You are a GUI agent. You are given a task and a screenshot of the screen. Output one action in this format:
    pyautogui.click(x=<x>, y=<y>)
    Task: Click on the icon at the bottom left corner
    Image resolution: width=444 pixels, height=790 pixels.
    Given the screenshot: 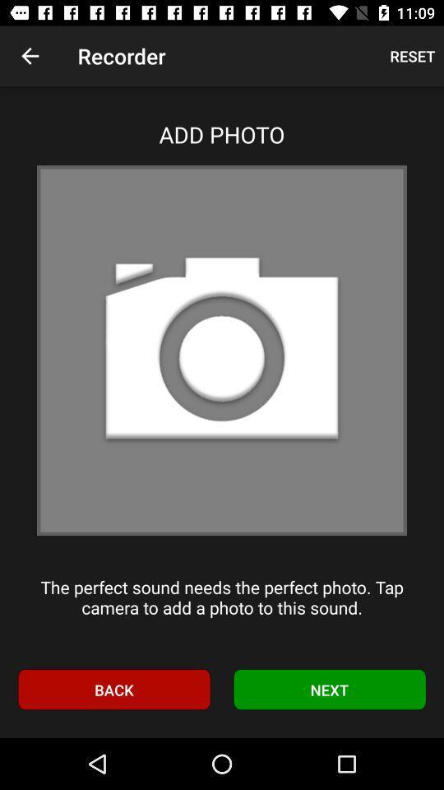 What is the action you would take?
    pyautogui.click(x=113, y=690)
    